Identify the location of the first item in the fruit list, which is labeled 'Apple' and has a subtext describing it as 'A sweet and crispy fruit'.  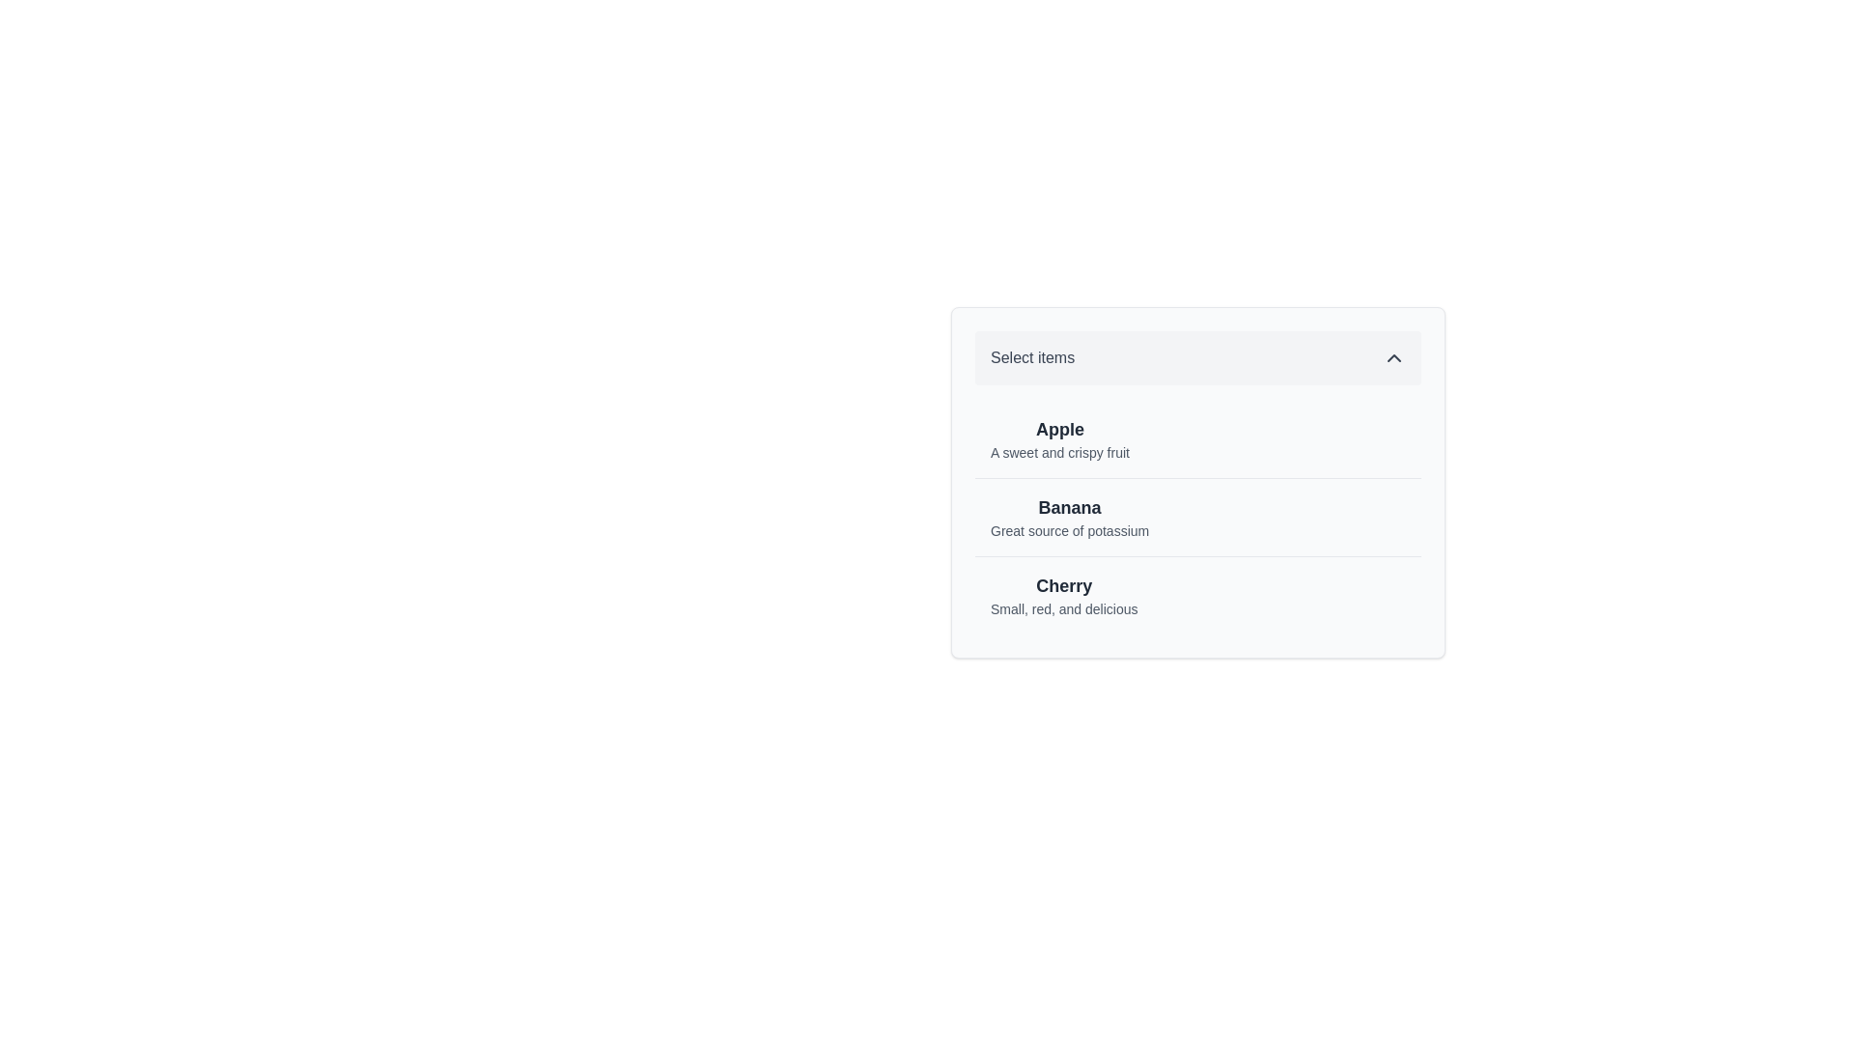
(1197, 439).